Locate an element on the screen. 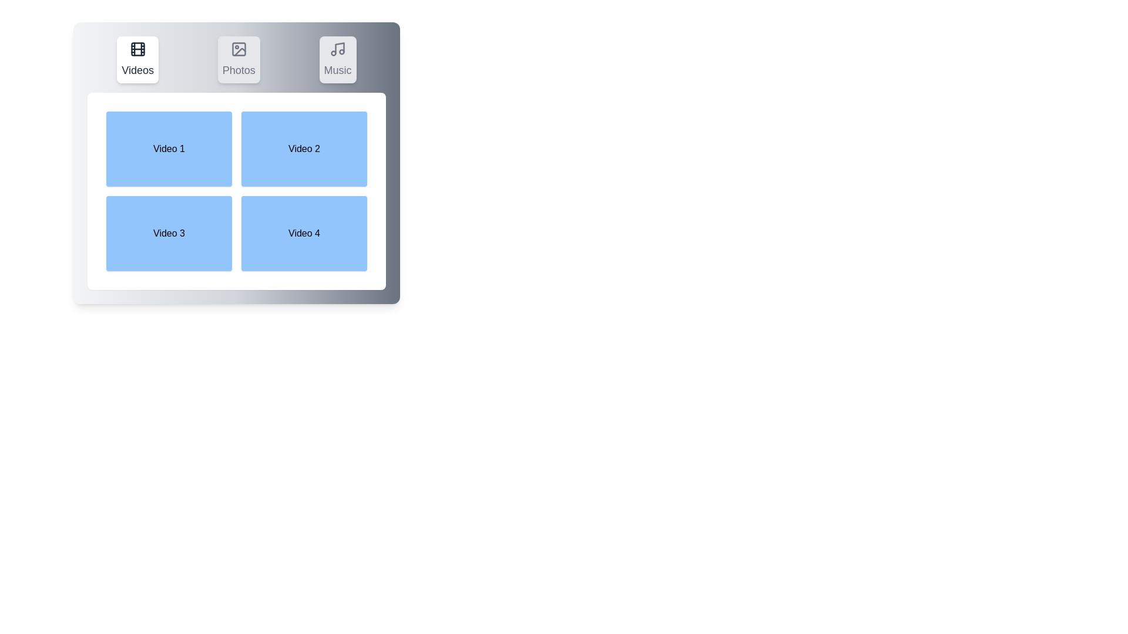  the video box labeled Video 2 is located at coordinates (304, 149).